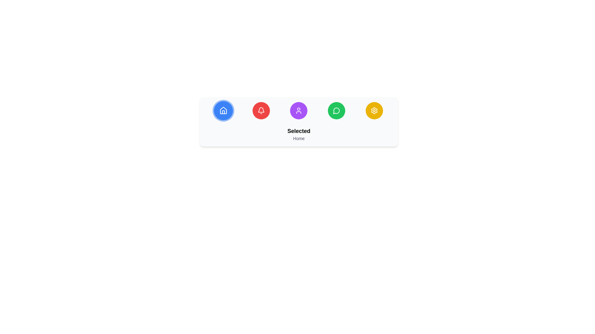 This screenshot has height=334, width=595. I want to click on the house icon button, which is styled in a minimalist design and located within a circular blue background, positioned as the farthest left option among a row of icons, so click(223, 110).